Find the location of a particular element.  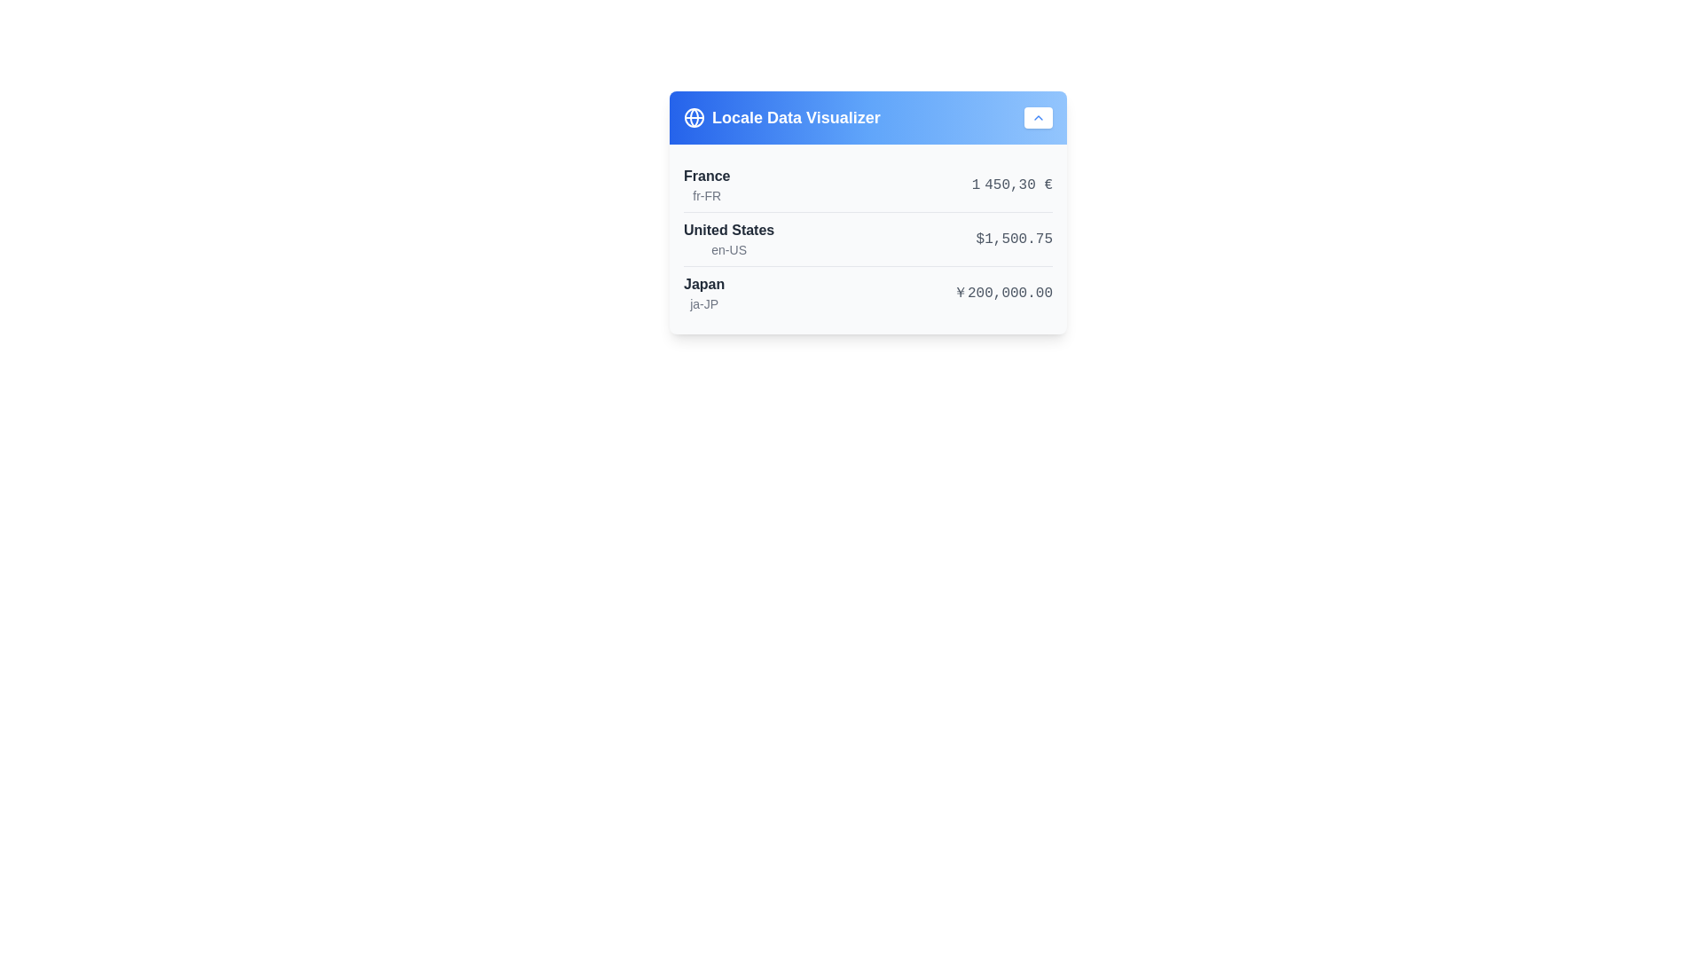

the text display showing the monetary value in euros for the 'France' entry in the table is located at coordinates (1012, 185).